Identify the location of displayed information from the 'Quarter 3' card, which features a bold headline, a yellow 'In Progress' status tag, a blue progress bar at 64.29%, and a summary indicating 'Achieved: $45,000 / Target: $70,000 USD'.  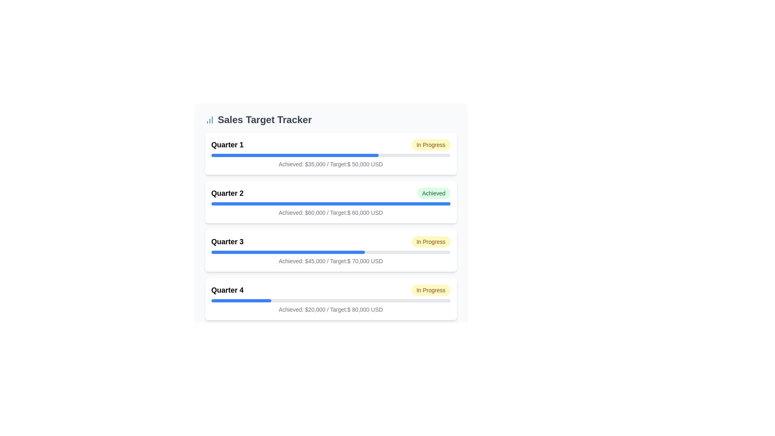
(331, 250).